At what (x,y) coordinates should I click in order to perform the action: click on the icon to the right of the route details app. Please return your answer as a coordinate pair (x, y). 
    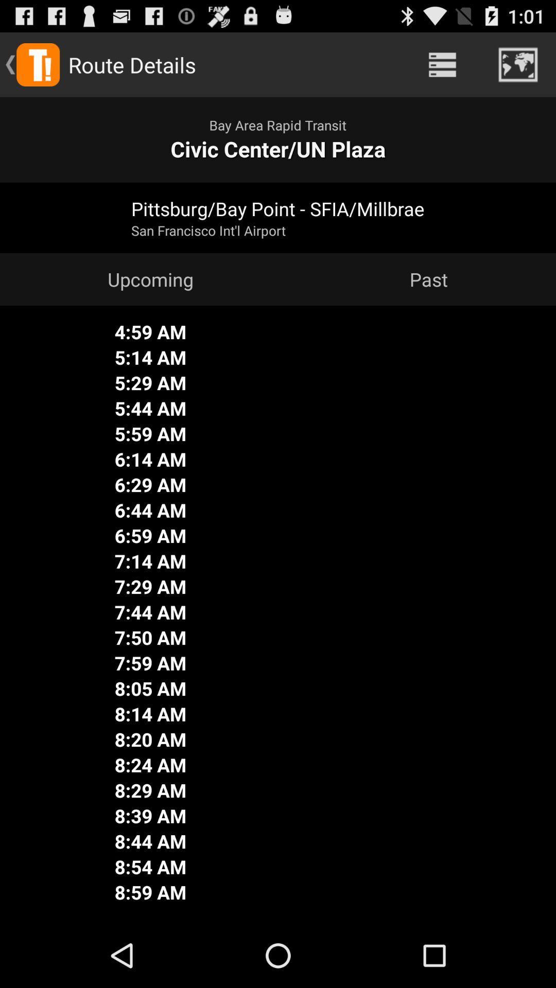
    Looking at the image, I should click on (442, 64).